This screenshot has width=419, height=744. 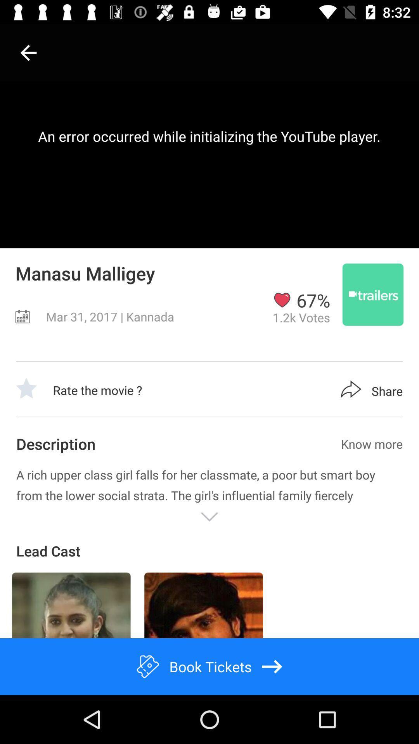 I want to click on see traillers, so click(x=372, y=294).